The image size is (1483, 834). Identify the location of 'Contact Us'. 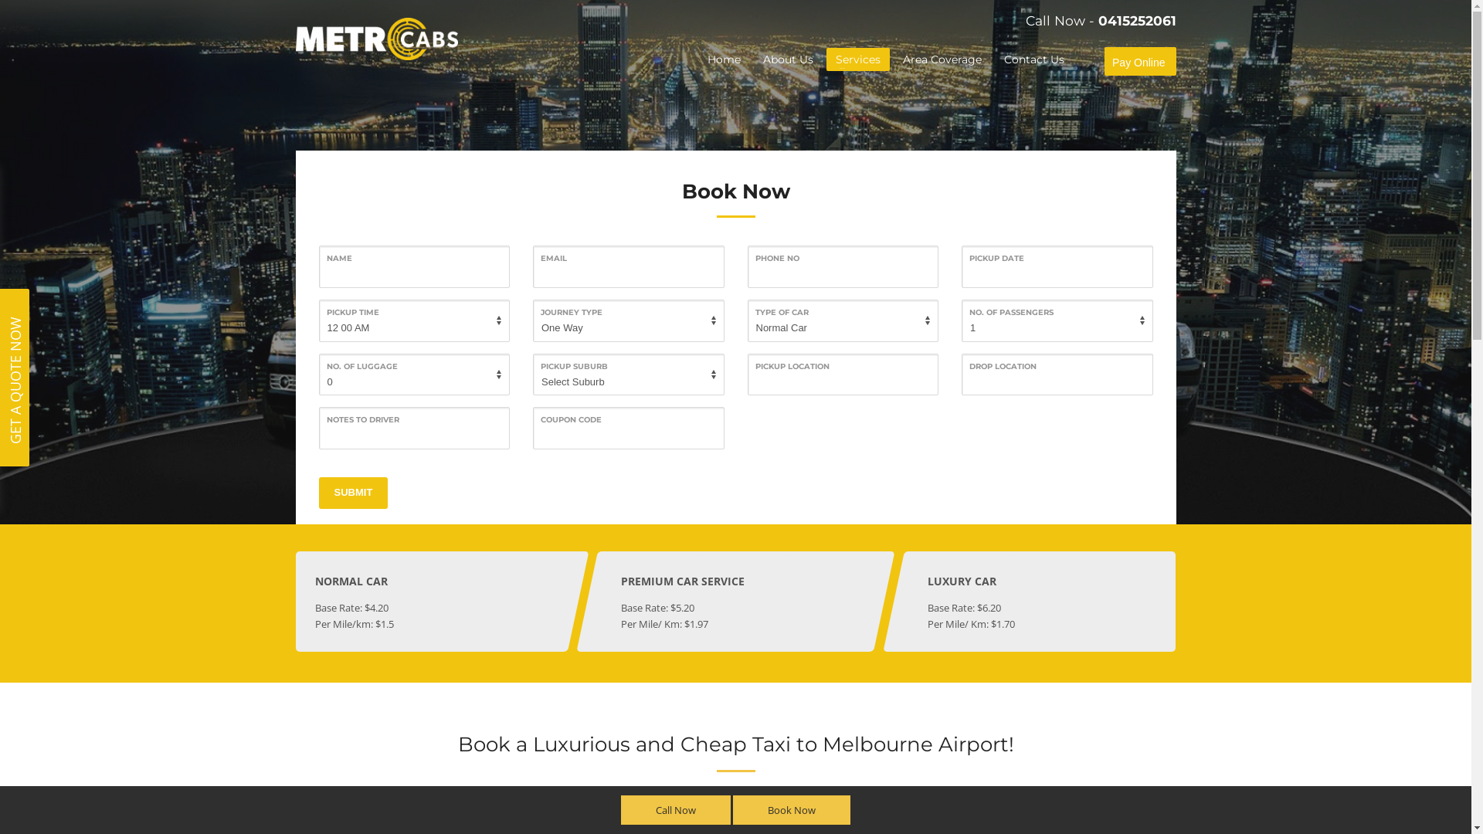
(1034, 59).